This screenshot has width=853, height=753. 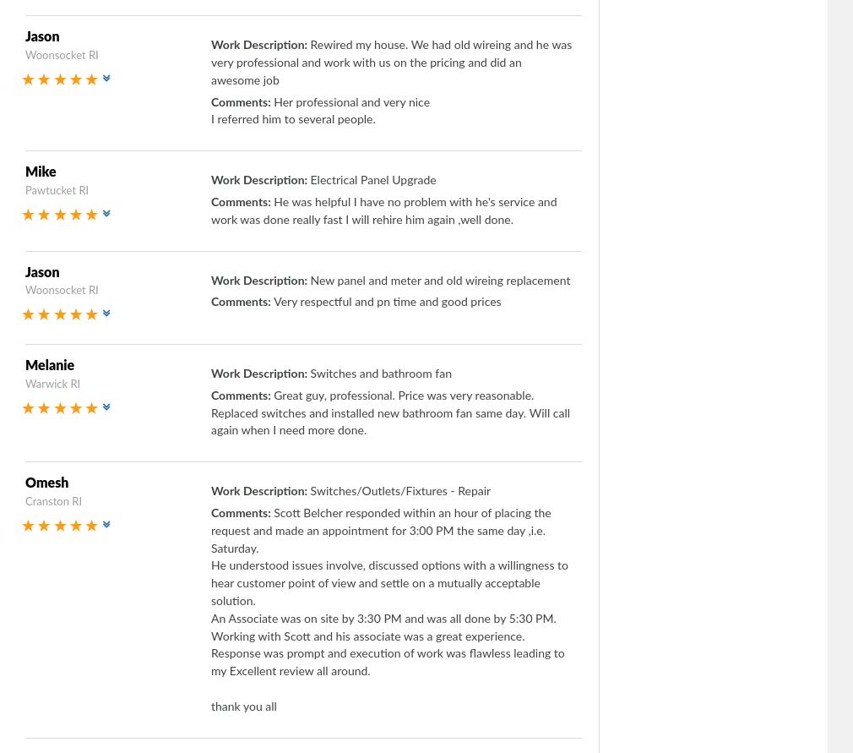 I want to click on 'Scott Belcher responded within an hour of placing the request and made an appointment for 3:00 PM the same day ,i.e. Saturday.', so click(x=380, y=529).